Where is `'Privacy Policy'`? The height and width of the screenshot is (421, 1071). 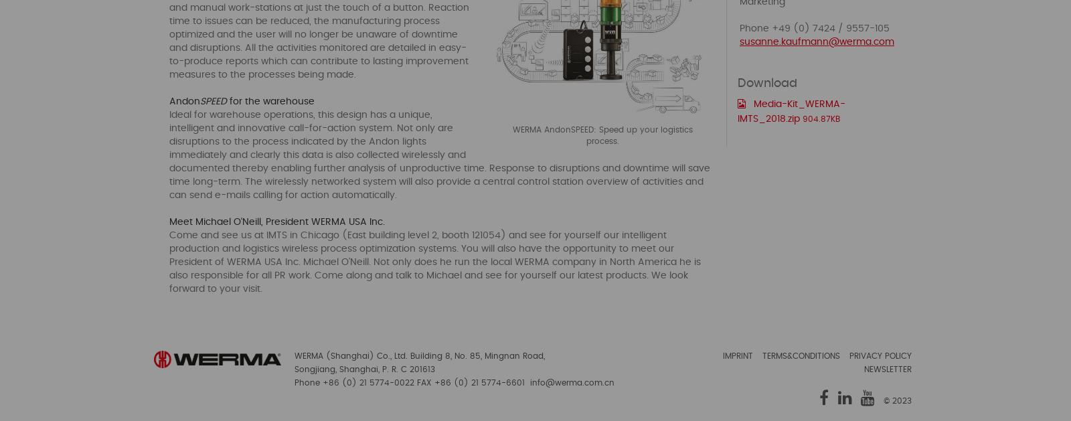
'Privacy Policy' is located at coordinates (880, 356).